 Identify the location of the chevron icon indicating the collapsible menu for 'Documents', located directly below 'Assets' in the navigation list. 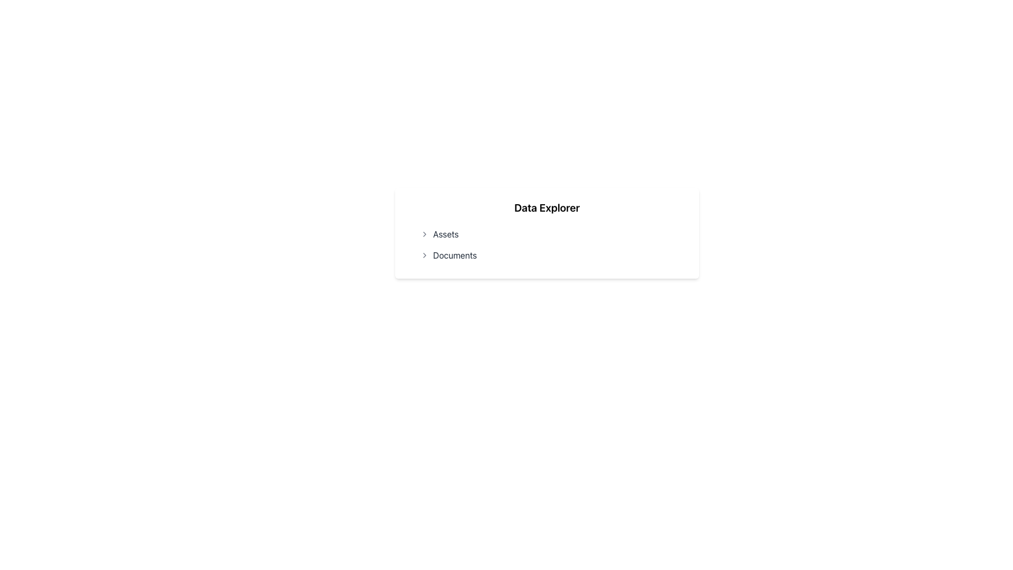
(425, 255).